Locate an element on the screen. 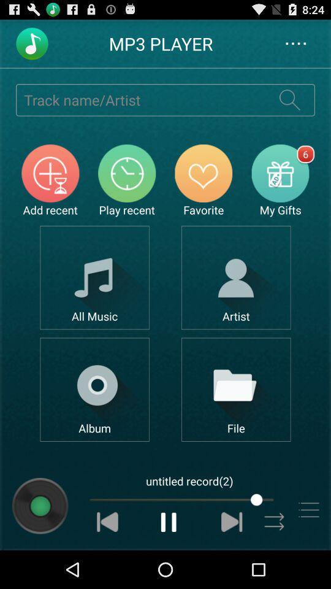 The image size is (331, 589). record is located at coordinates (40, 506).